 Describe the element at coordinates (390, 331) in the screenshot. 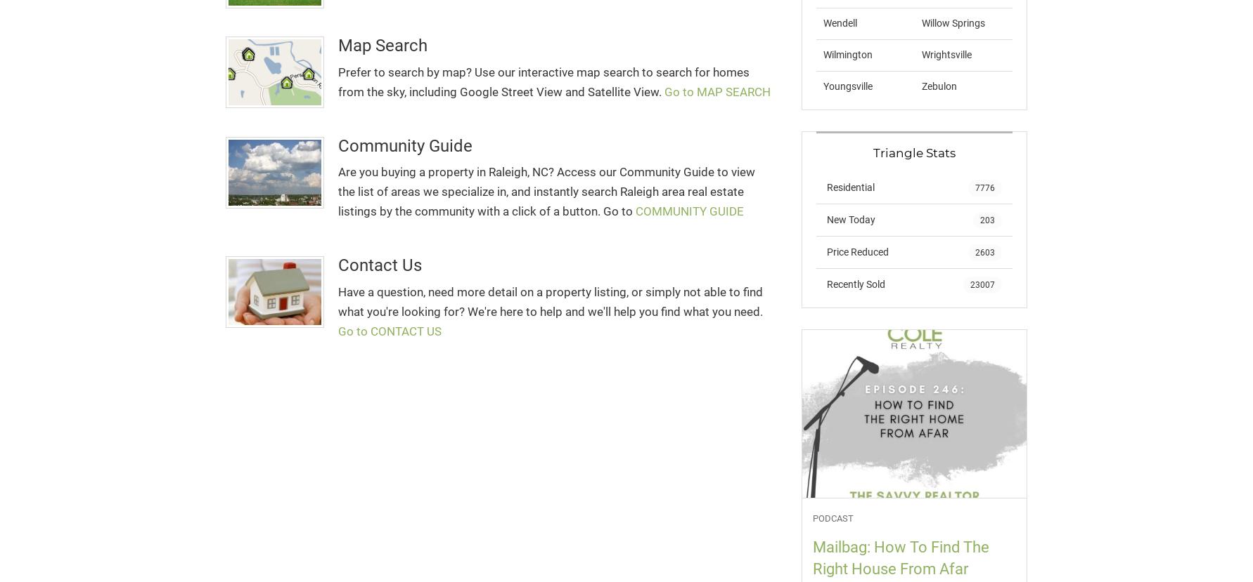

I see `'Go to CONTACT US'` at that location.